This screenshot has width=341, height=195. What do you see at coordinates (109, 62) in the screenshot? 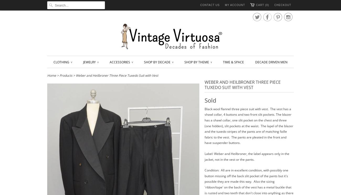
I see `'Accessories'` at bounding box center [109, 62].